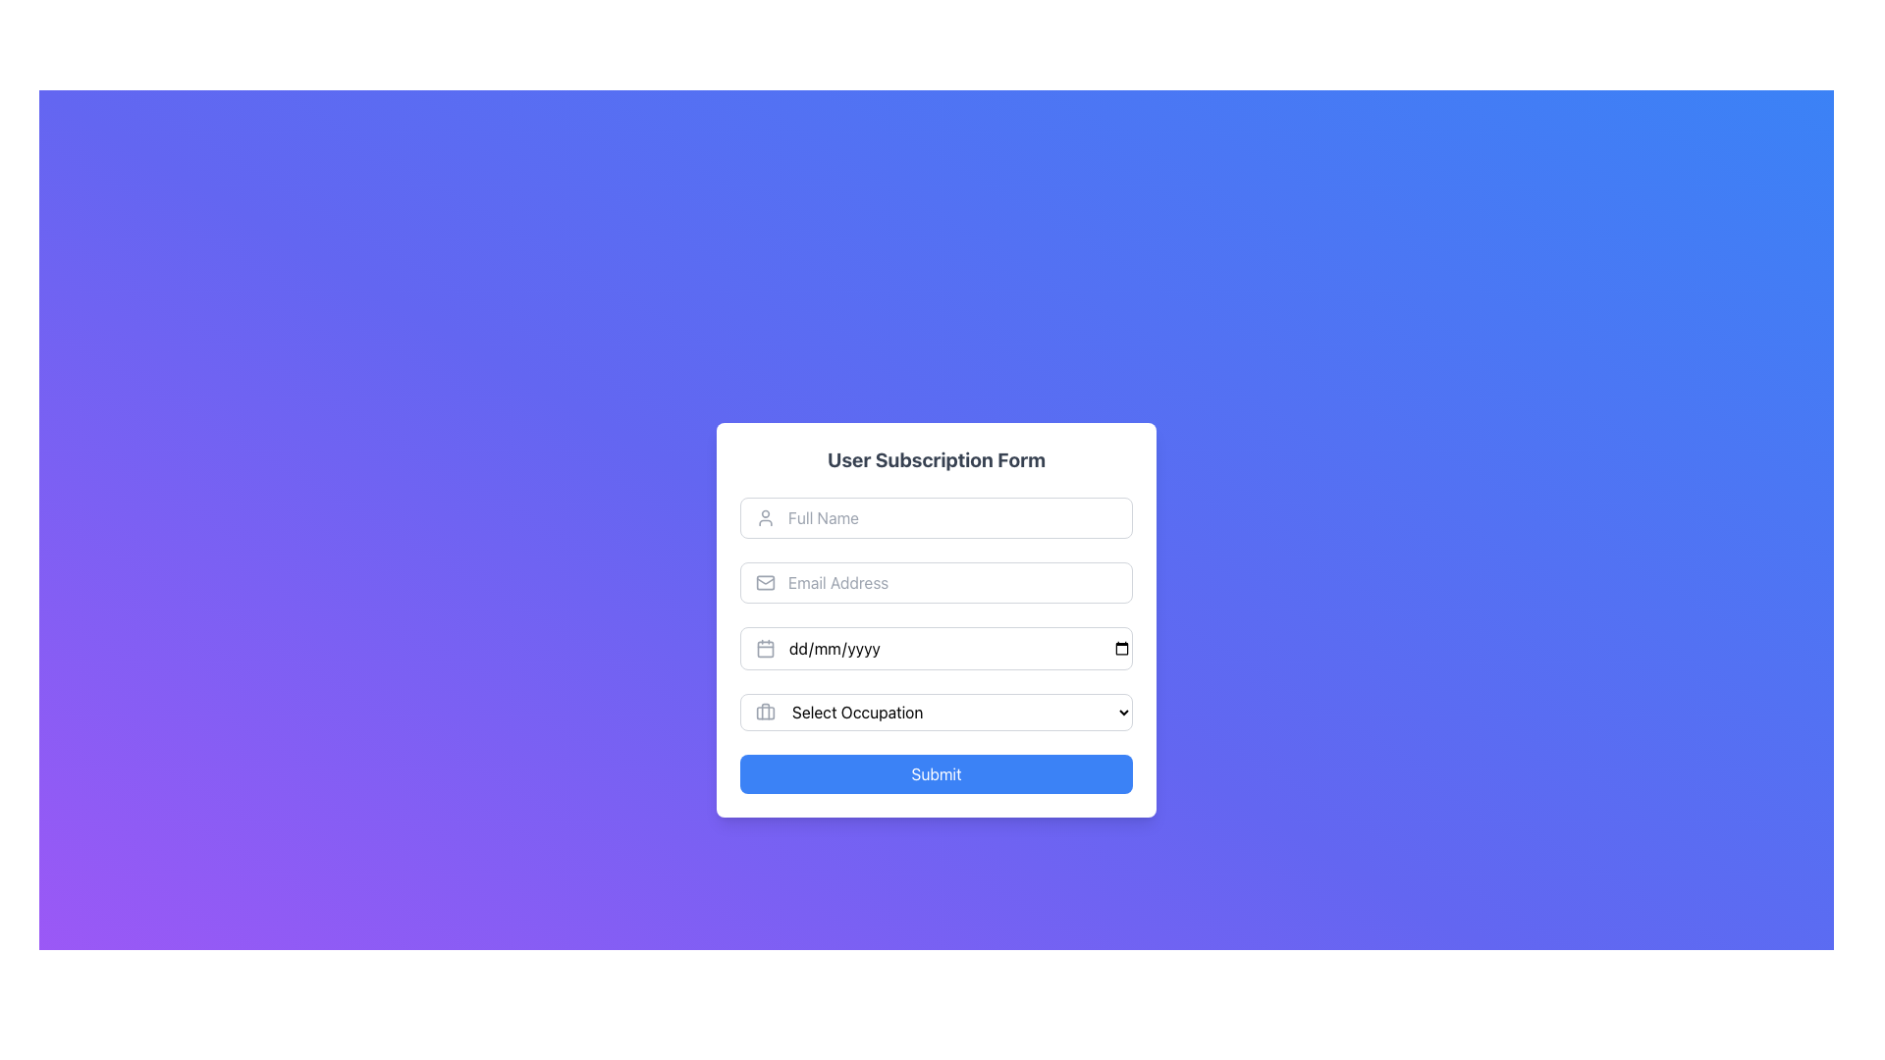  Describe the element at coordinates (936, 712) in the screenshot. I see `the downward arrow of the dropdown menu labeled 'Select Occupation'` at that location.